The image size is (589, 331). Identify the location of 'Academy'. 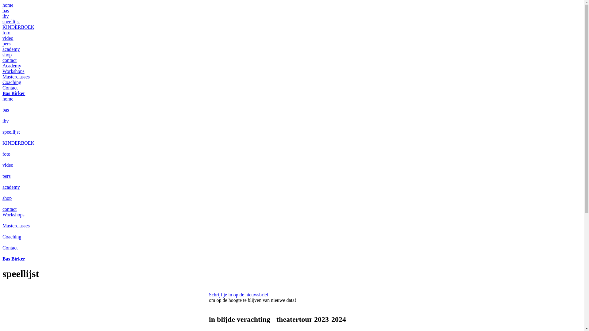
(12, 66).